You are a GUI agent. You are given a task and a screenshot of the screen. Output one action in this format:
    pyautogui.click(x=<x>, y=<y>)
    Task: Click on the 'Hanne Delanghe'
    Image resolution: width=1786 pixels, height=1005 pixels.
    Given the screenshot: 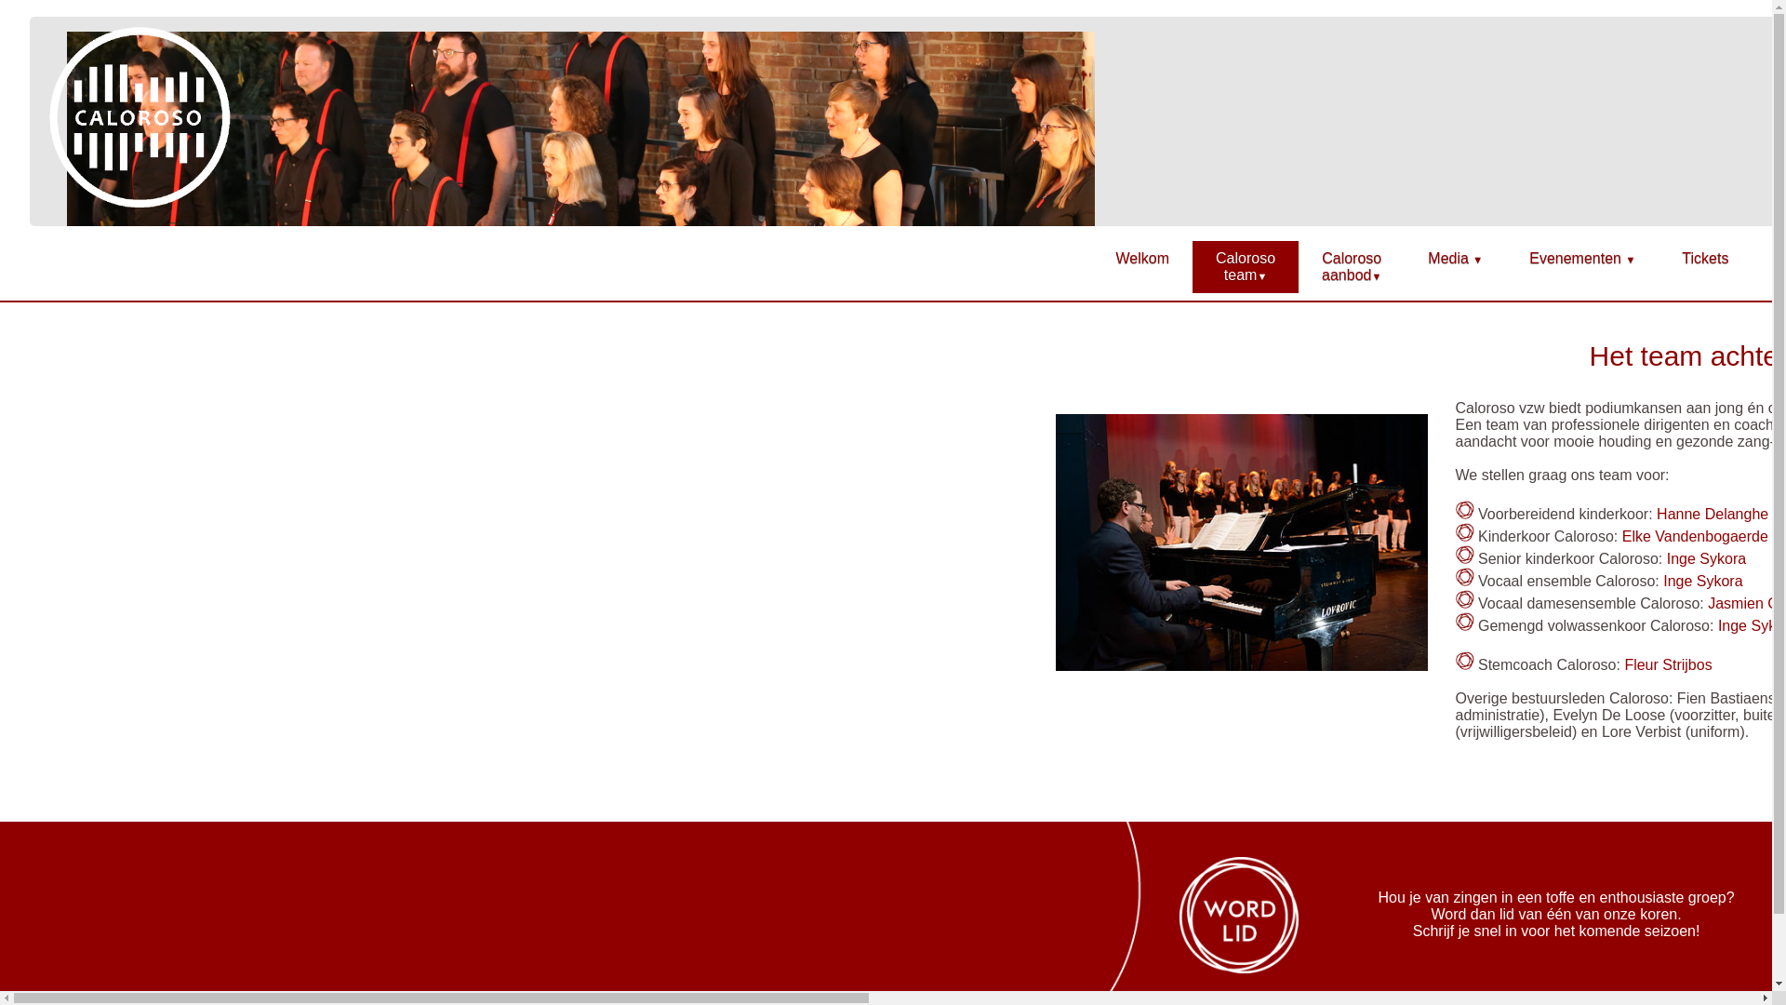 What is the action you would take?
    pyautogui.click(x=1712, y=514)
    